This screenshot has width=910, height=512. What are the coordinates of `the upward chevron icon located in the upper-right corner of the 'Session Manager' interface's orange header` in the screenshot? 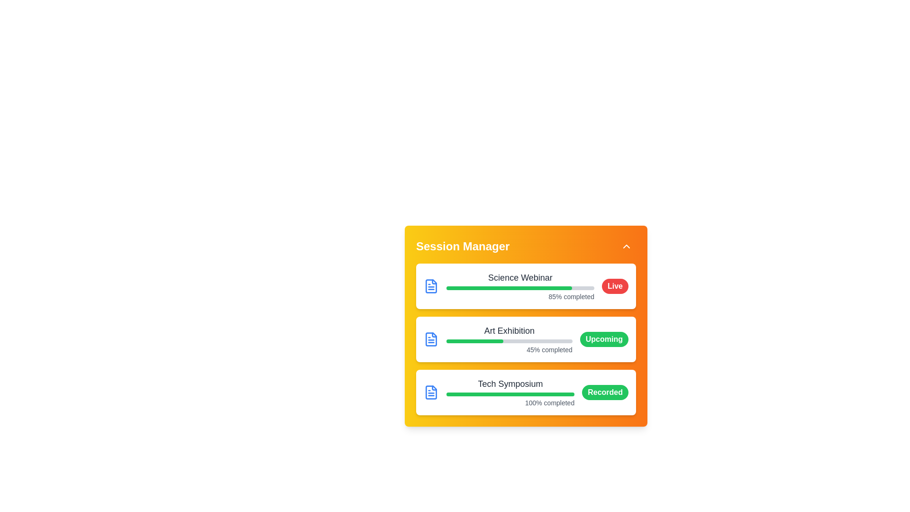 It's located at (626, 246).